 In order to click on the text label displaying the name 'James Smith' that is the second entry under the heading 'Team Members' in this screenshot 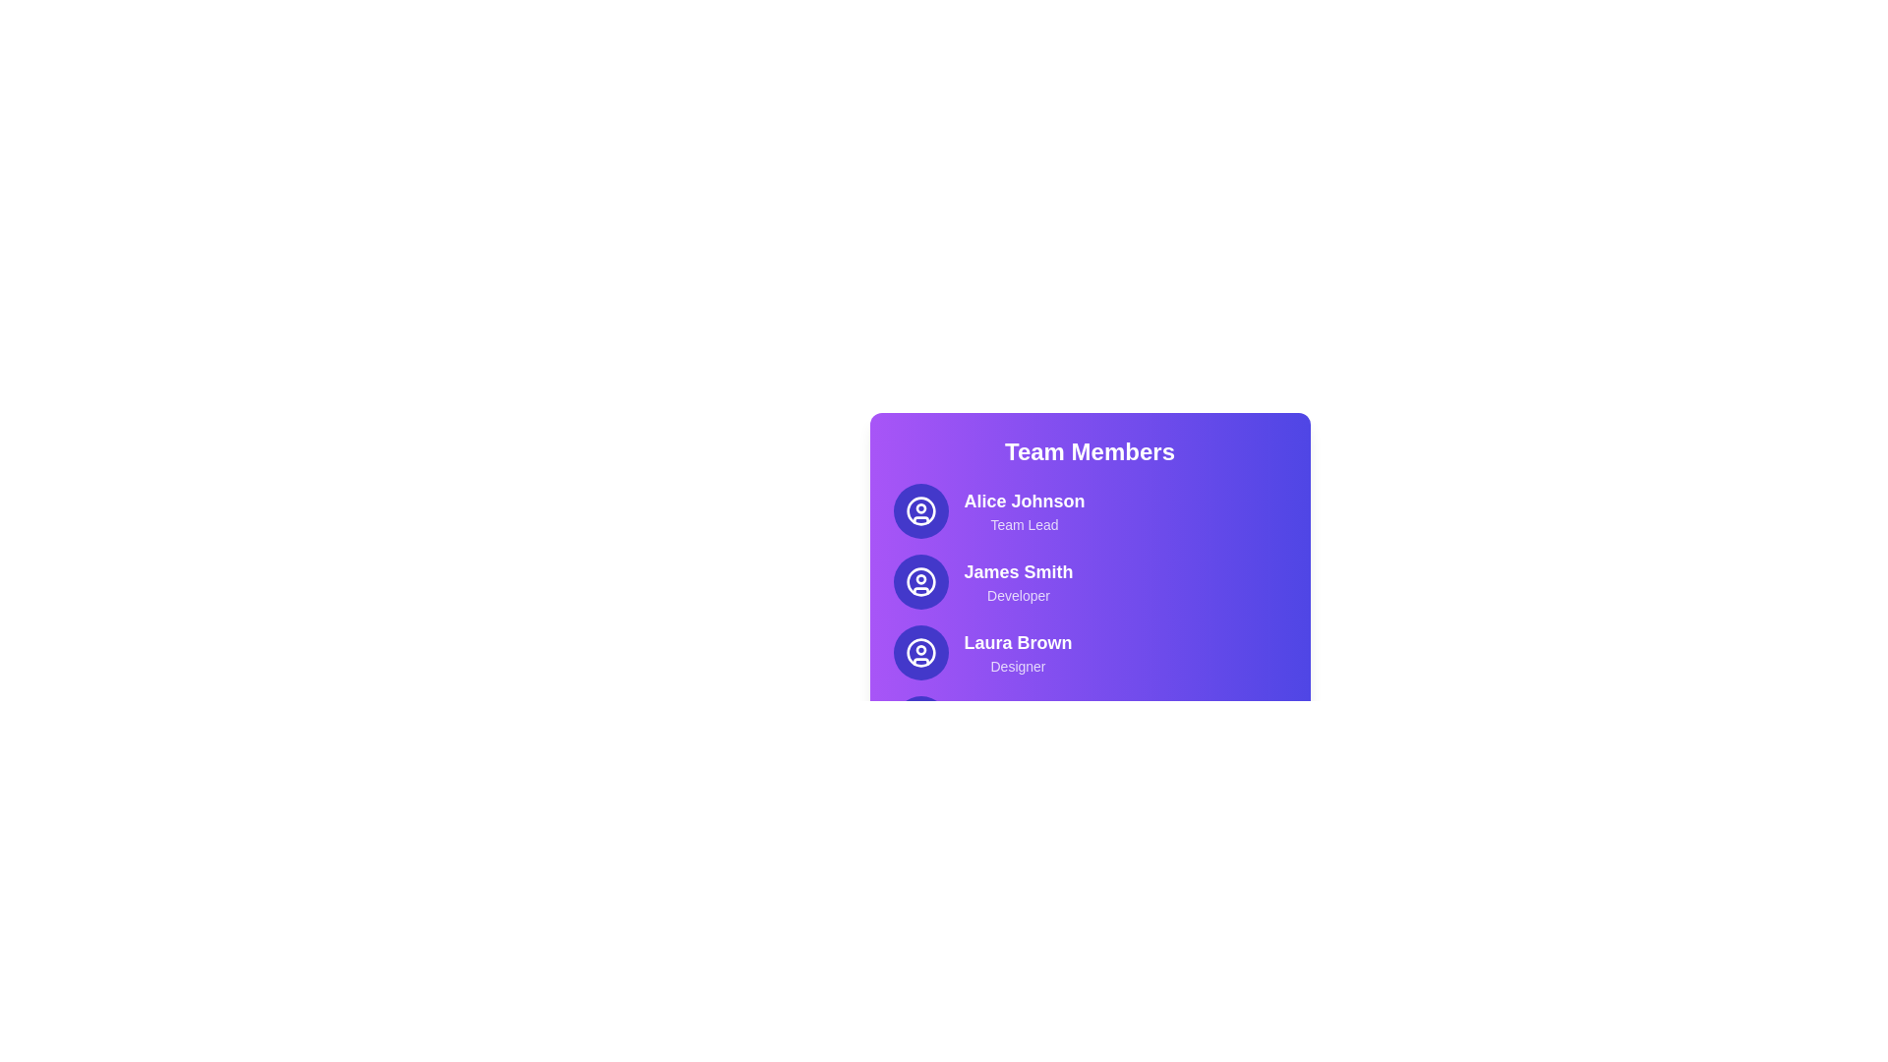, I will do `click(1019, 572)`.